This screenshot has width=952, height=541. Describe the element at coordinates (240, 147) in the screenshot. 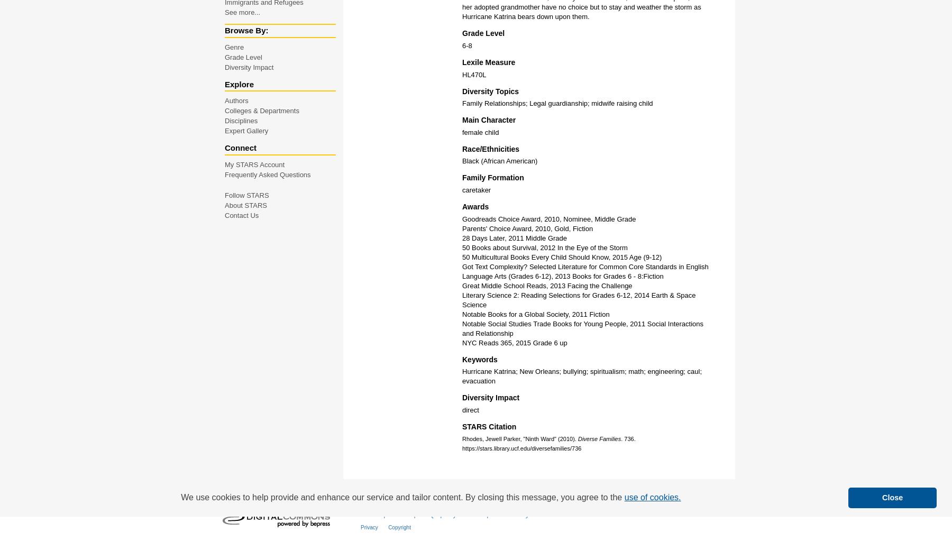

I see `'Connect'` at that location.